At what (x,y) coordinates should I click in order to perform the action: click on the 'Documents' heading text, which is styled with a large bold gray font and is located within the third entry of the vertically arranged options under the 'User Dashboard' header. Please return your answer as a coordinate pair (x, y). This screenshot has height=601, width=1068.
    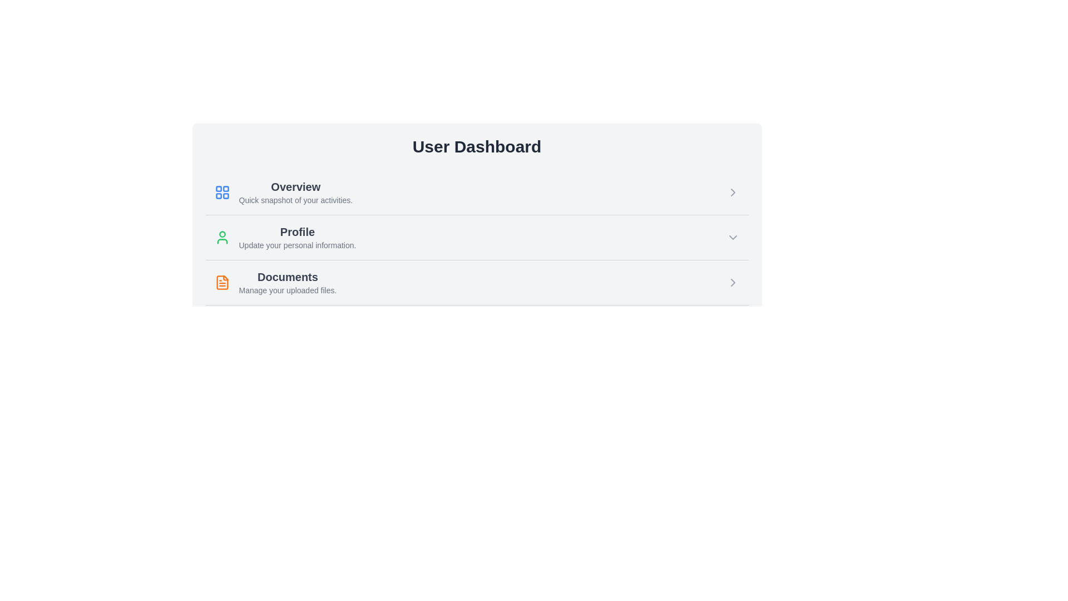
    Looking at the image, I should click on (288, 276).